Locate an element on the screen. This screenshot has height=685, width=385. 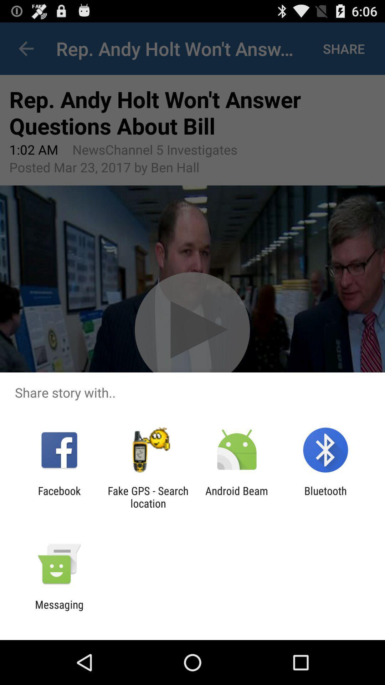
icon next to the android beam app is located at coordinates (325, 497).